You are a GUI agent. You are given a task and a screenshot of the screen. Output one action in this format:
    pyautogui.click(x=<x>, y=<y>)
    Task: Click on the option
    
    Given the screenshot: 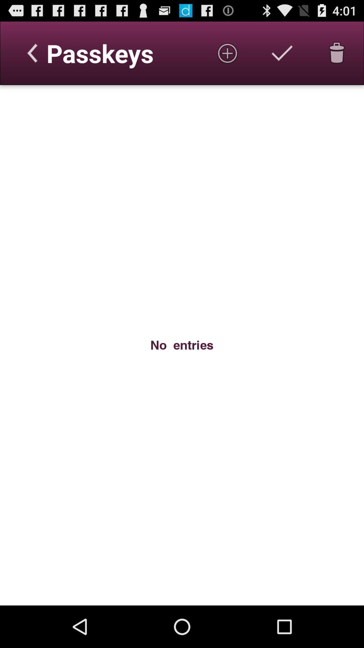 What is the action you would take?
    pyautogui.click(x=282, y=53)
    